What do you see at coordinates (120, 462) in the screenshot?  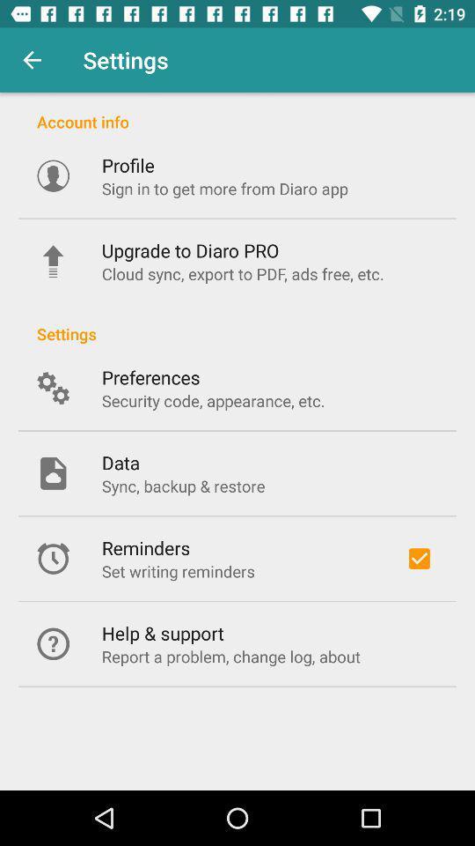 I see `the data` at bounding box center [120, 462].